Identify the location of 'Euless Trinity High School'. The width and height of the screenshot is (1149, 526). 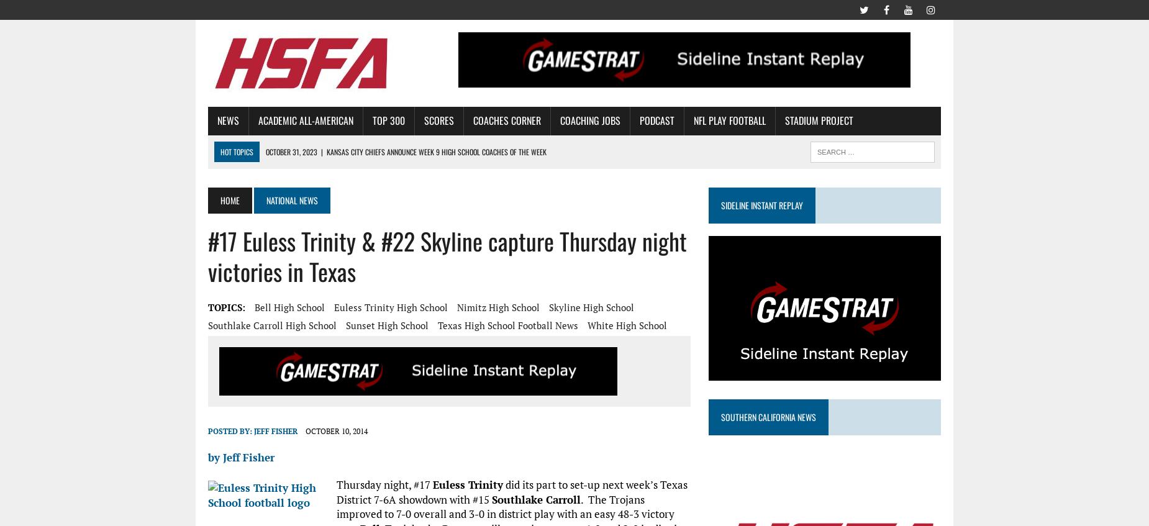
(391, 306).